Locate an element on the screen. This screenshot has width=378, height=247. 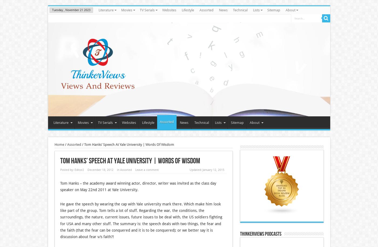
'Updated: January 12, 2015' is located at coordinates (206, 170).